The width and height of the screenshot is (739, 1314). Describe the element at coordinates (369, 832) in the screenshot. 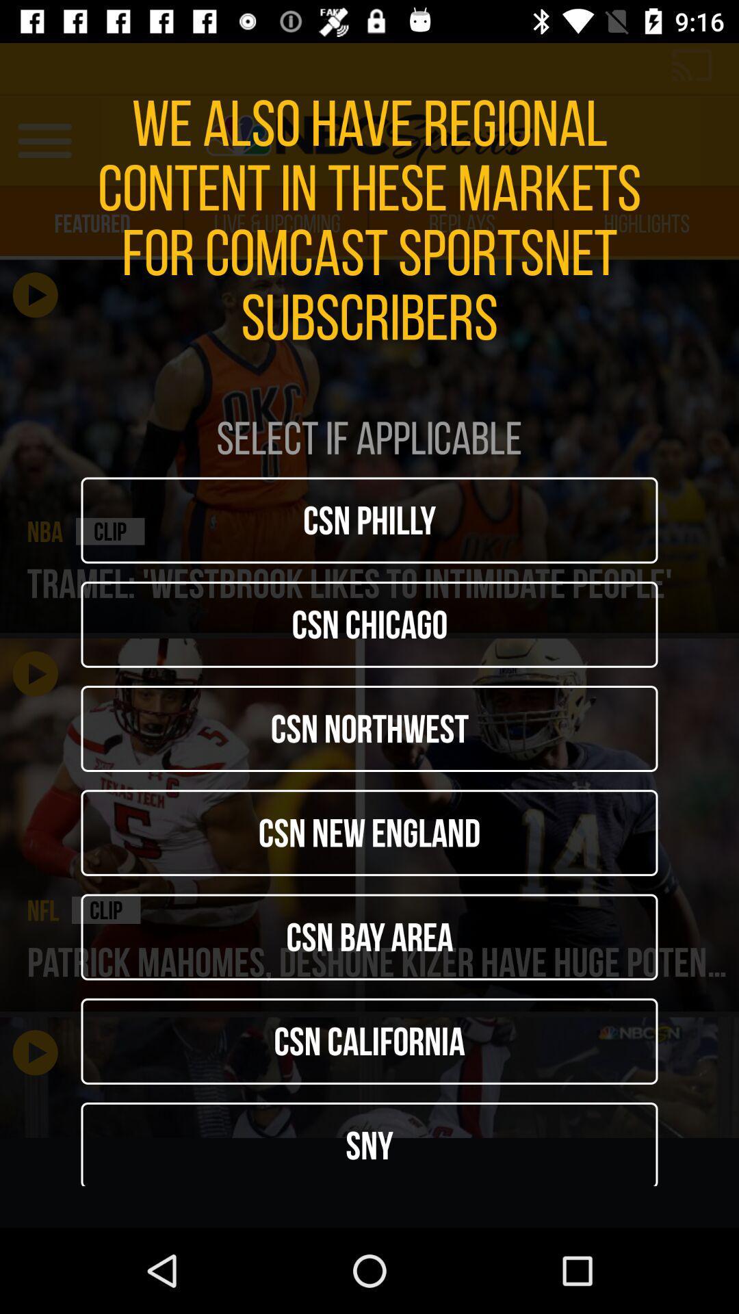

I see `icon above the csn bay area icon` at that location.